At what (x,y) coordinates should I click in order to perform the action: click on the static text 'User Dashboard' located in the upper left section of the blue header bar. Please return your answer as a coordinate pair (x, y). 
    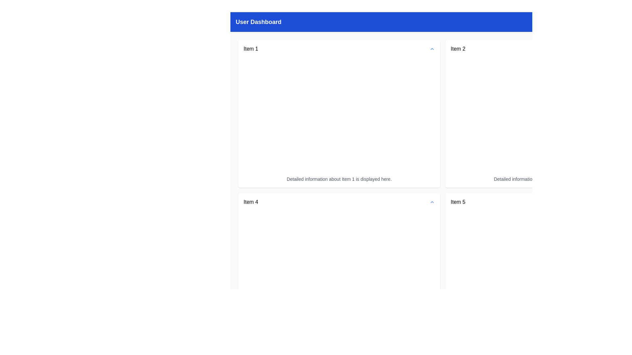
    Looking at the image, I should click on (258, 21).